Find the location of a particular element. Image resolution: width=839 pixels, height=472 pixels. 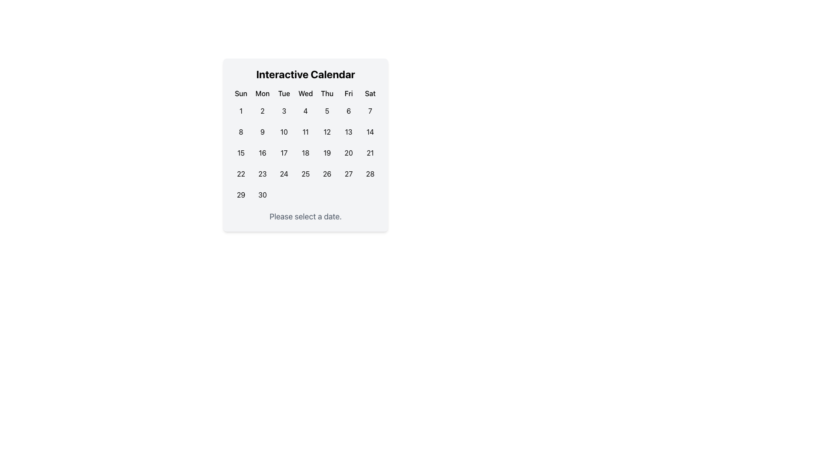

the text element styled as a calendar day component representing the seventh day, located under the 'Sat' header in the first row and seventh column of the calendar grid is located at coordinates (370, 111).